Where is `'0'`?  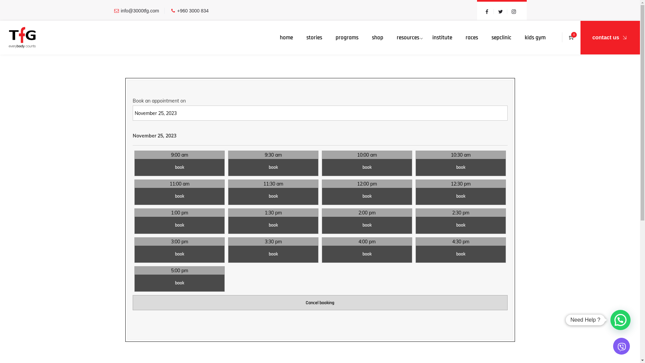
'0' is located at coordinates (571, 37).